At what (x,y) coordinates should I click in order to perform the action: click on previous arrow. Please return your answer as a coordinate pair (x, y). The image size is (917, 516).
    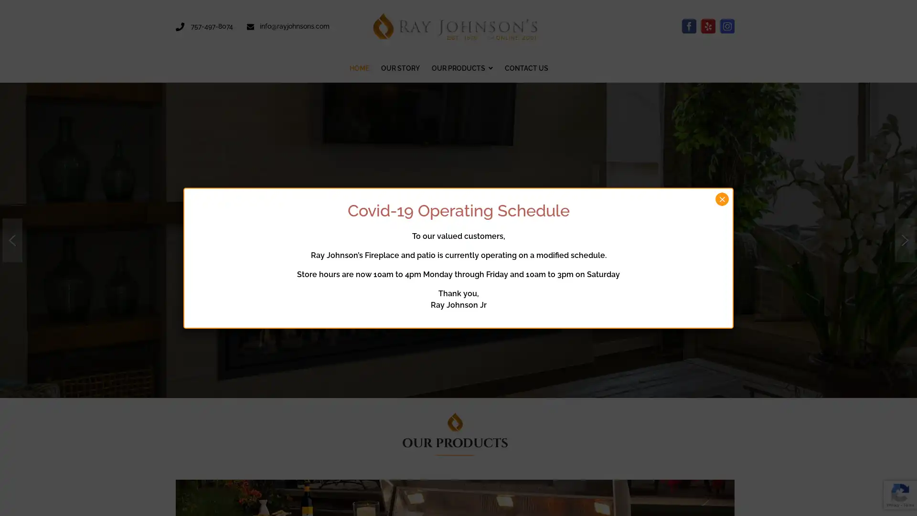
    Looking at the image, I should click on (11, 239).